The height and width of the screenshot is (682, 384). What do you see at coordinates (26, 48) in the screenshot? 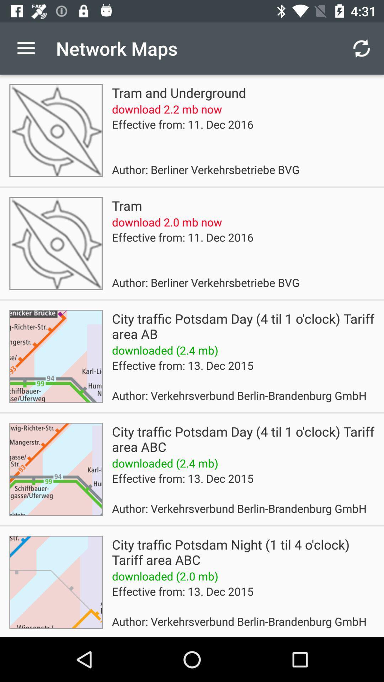
I see `the app next to network maps icon` at bounding box center [26, 48].